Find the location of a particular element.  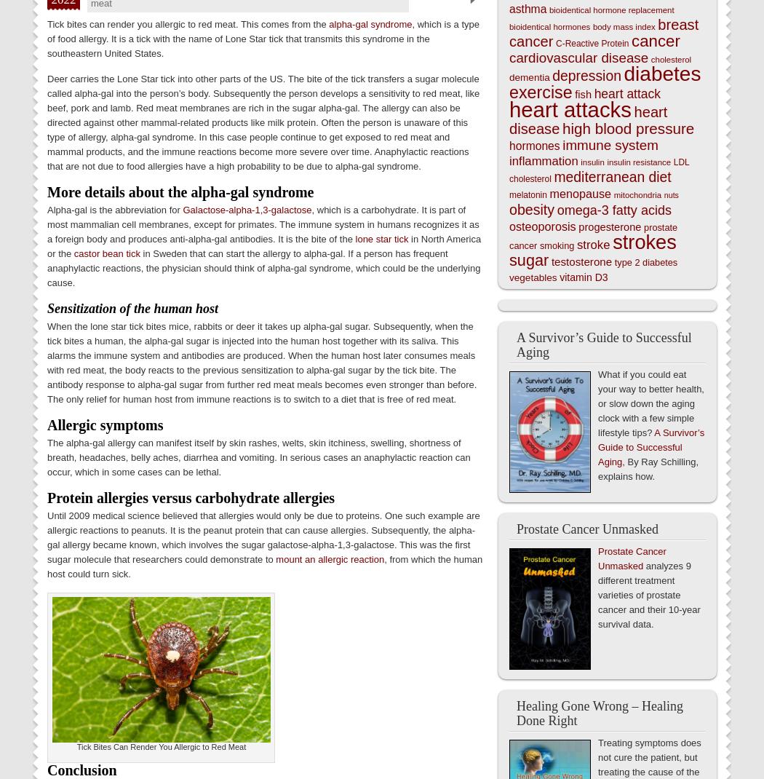

'immune system' is located at coordinates (610, 144).